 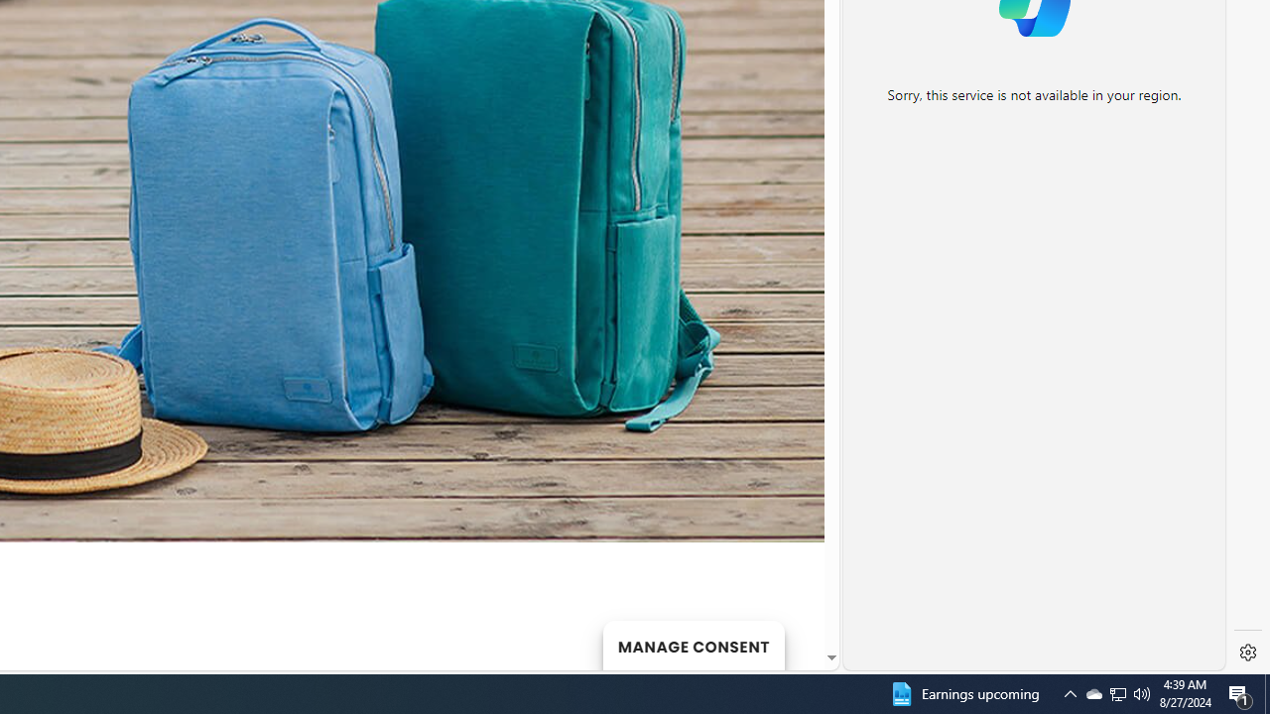 I want to click on 'MANAGE CONSENT', so click(x=693, y=645).